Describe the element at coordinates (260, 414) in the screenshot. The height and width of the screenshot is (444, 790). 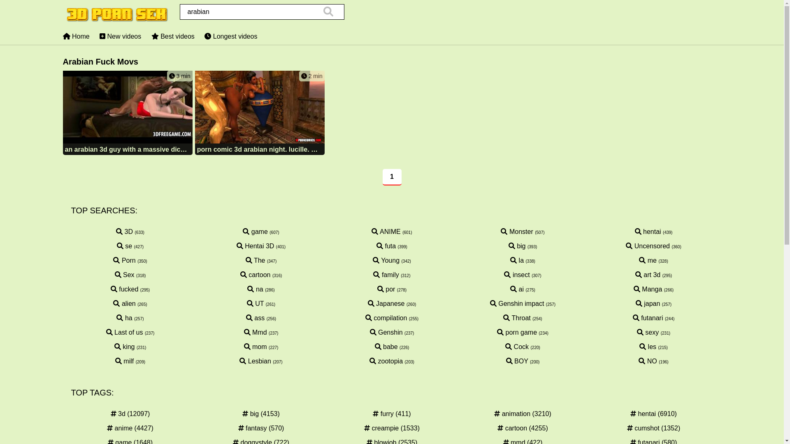
I see `'big (4153)'` at that location.